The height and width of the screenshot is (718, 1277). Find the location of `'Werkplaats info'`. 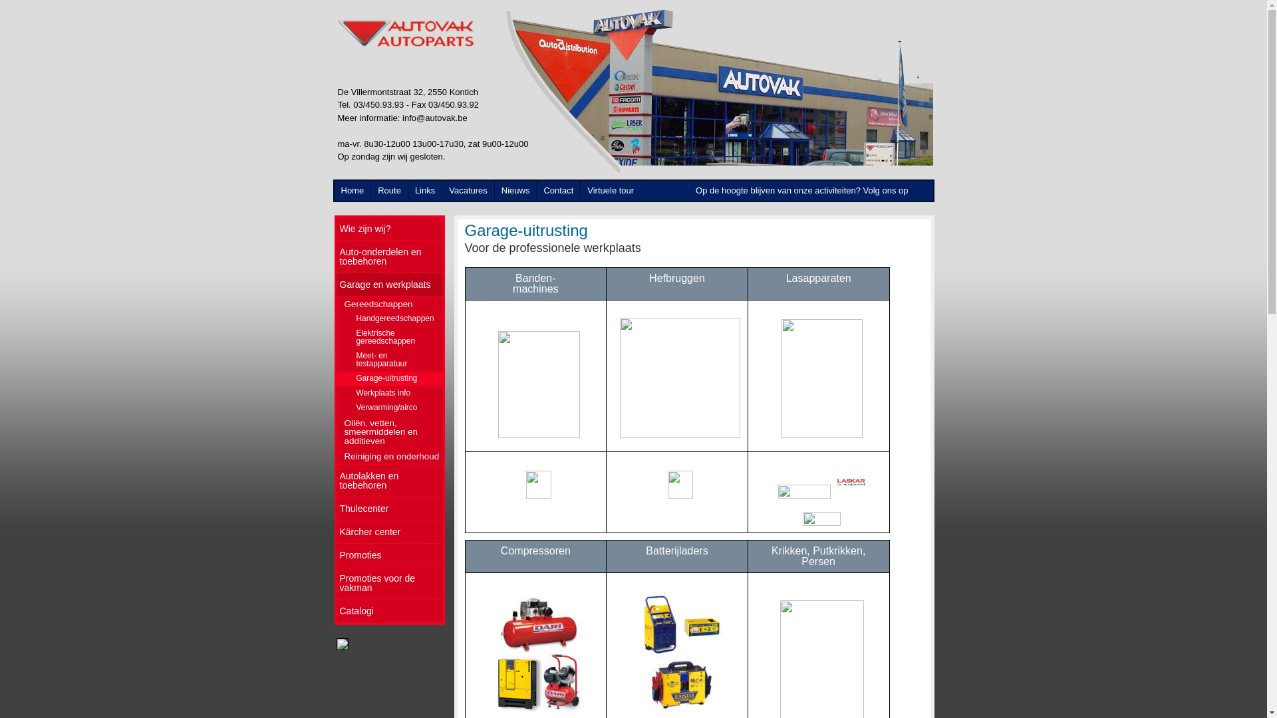

'Werkplaats info' is located at coordinates (388, 392).